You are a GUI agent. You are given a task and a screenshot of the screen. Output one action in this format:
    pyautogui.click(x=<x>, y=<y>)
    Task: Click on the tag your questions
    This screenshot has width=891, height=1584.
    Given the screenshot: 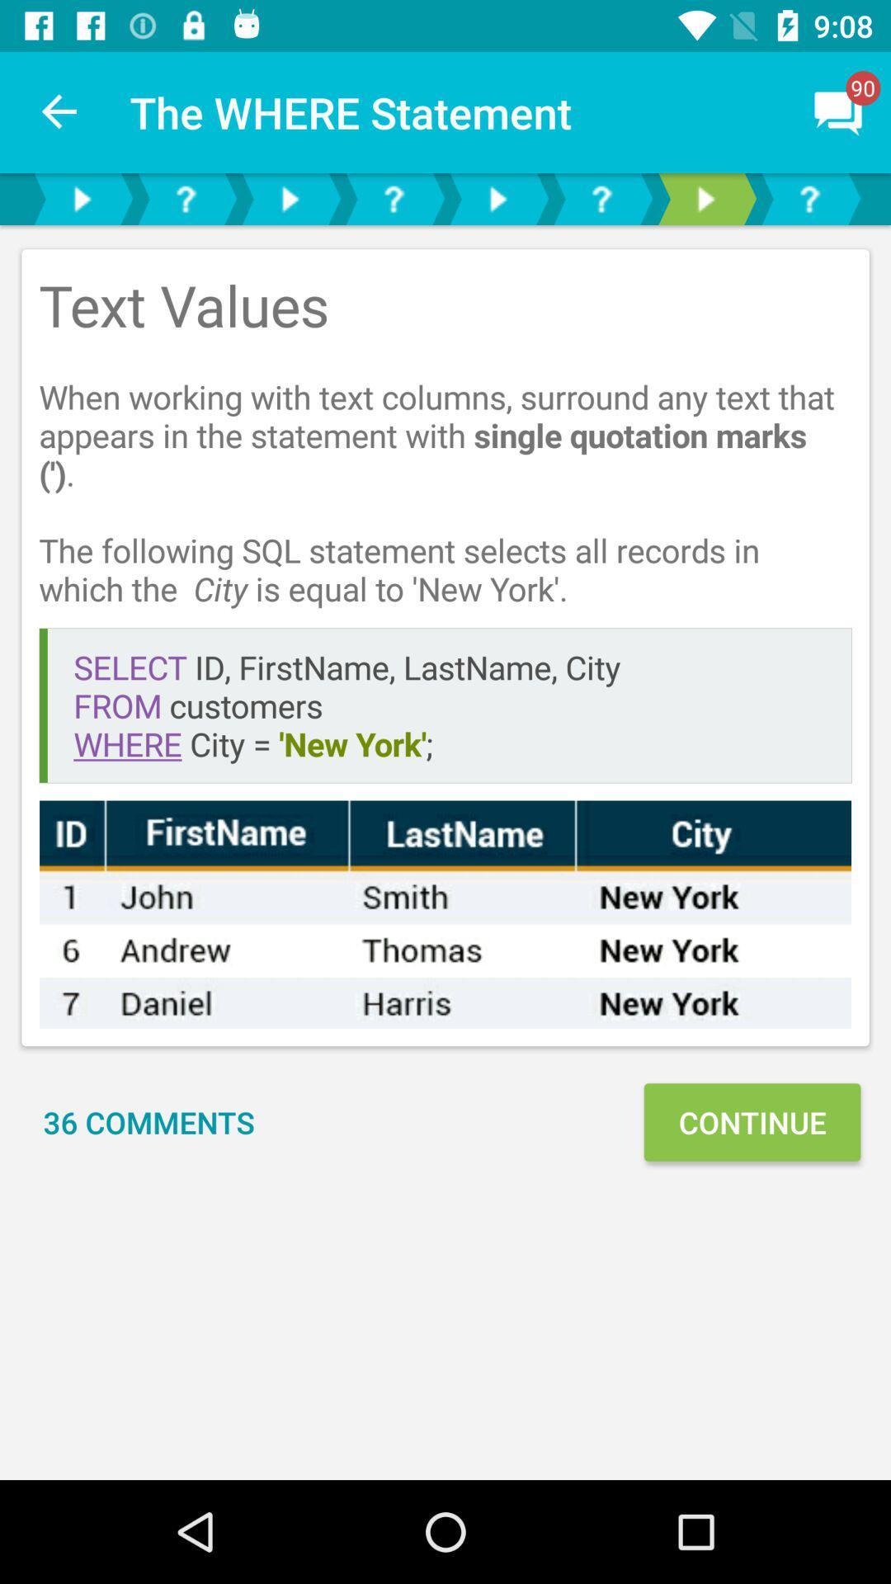 What is the action you would take?
    pyautogui.click(x=601, y=198)
    